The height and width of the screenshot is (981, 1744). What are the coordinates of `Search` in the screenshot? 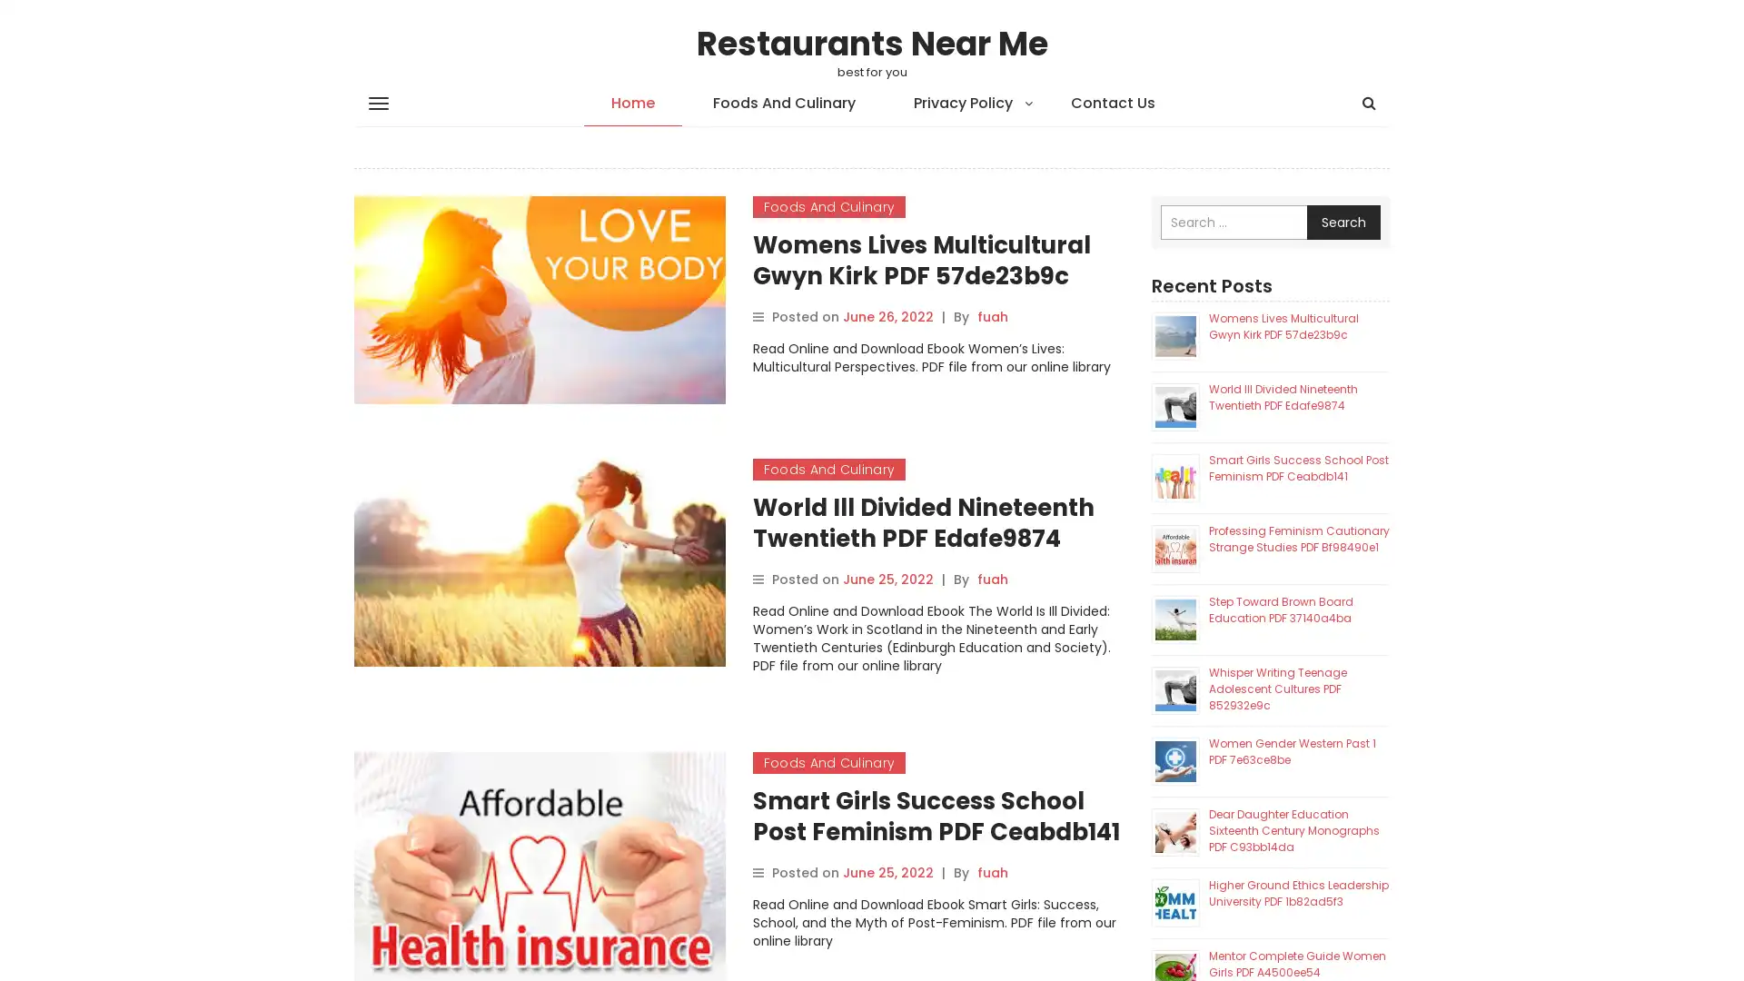 It's located at (1343, 222).